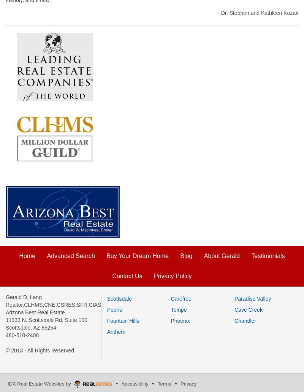 This screenshot has height=392, width=304. I want to click on '© 2013 - All Rights Reserved', so click(39, 350).